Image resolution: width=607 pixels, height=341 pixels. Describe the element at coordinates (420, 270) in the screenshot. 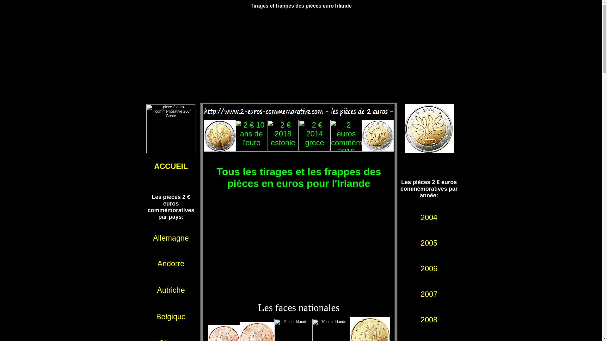

I see `'2006'` at that location.